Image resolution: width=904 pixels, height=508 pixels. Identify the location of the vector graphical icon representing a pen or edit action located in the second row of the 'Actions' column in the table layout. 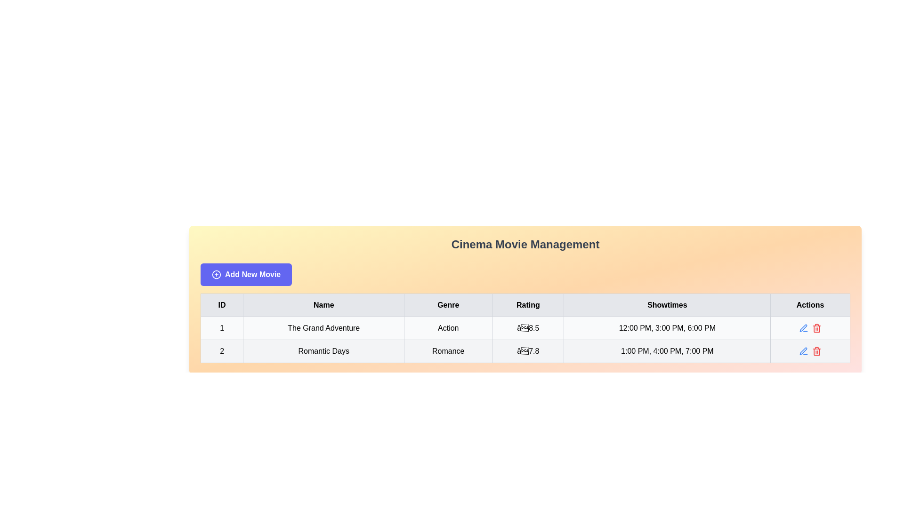
(803, 351).